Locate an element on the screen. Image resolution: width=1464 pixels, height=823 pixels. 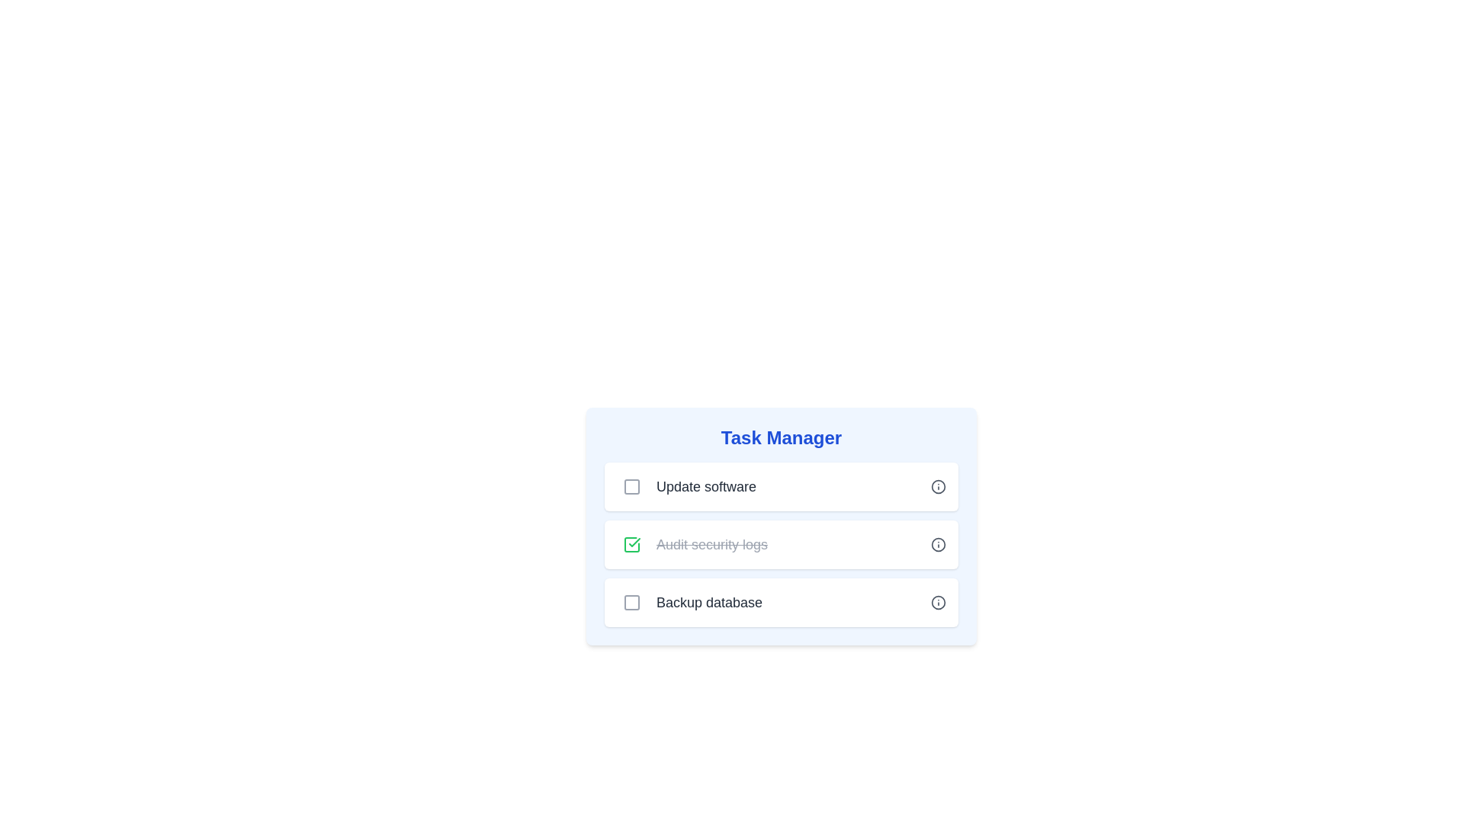
the Square indicator located at the far left of the 'Backup database' task row is located at coordinates (632, 601).